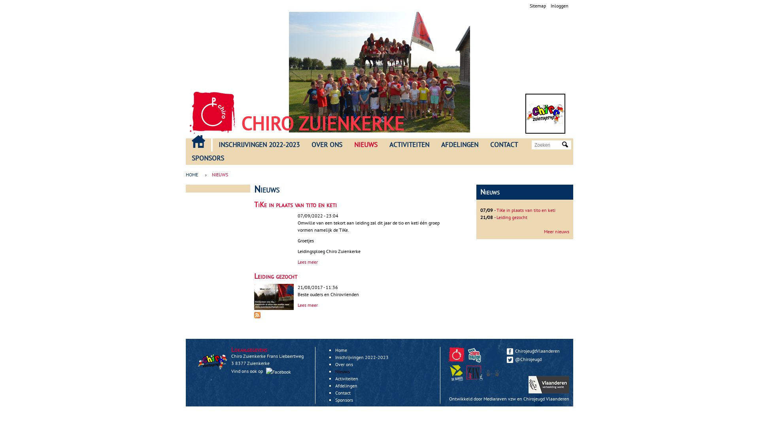  What do you see at coordinates (307, 304) in the screenshot?
I see `'Lees meer'` at bounding box center [307, 304].